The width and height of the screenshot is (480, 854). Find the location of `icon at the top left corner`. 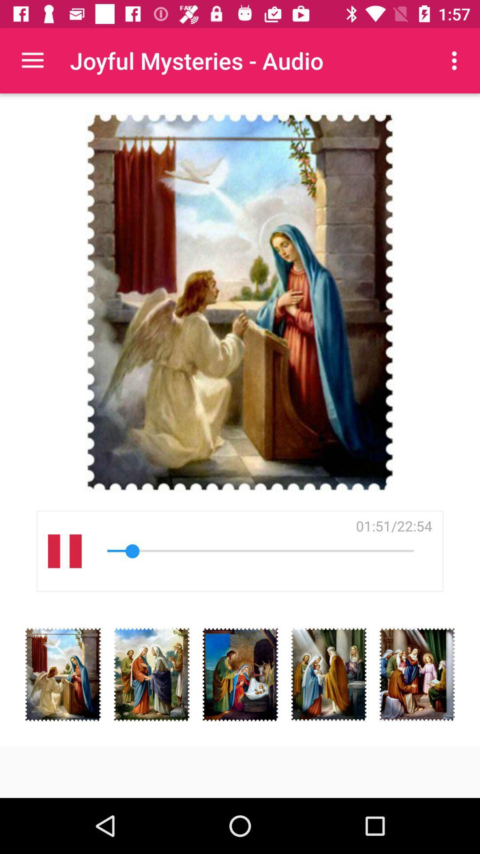

icon at the top left corner is located at coordinates (32, 60).